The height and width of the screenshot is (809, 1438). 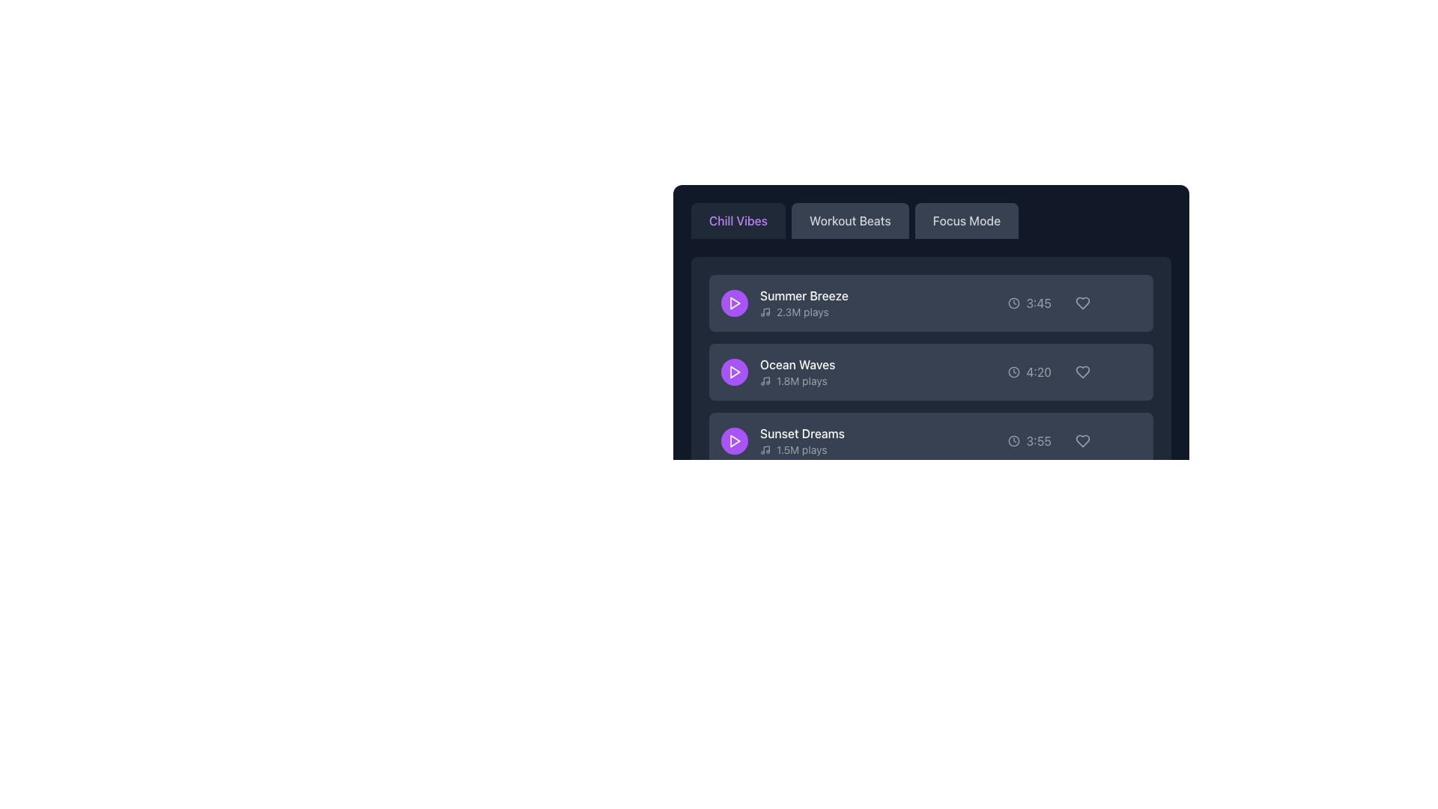 What do you see at coordinates (1014, 303) in the screenshot?
I see `the SVG Circle element that is part of the decorative clock icon located at the top right corner of the first music track row, adjacent to the track's duration` at bounding box center [1014, 303].